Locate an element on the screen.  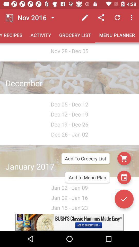
shopping cart is located at coordinates (124, 158).